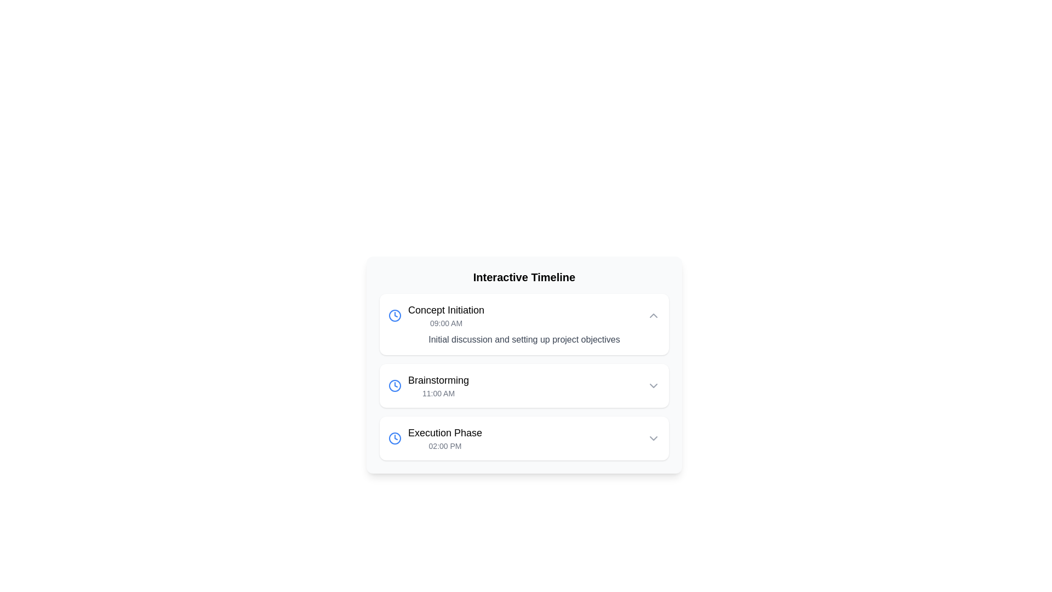 This screenshot has height=592, width=1052. What do you see at coordinates (446, 310) in the screenshot?
I see `the title text label in the interactive timeline, which provides a quick understanding of the event's nature and is located to the right of the clock icon, above the subtitle showing the time '09:00 AM'` at bounding box center [446, 310].